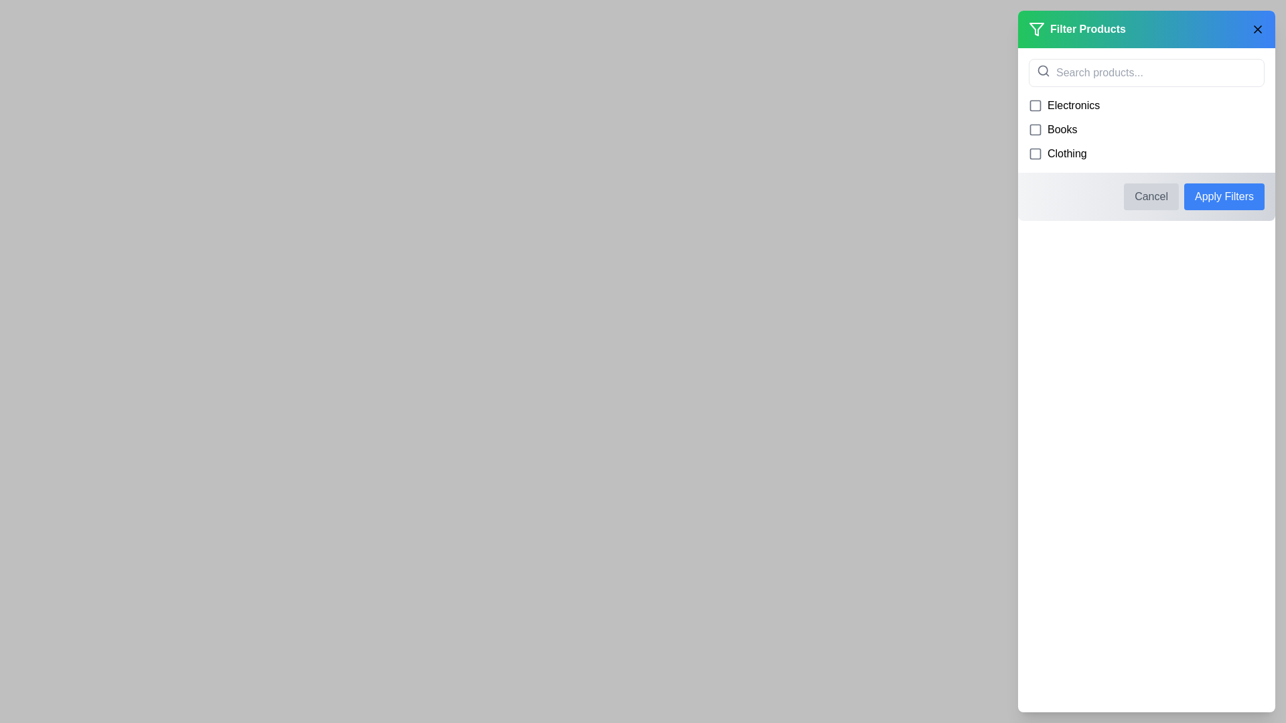 Image resolution: width=1286 pixels, height=723 pixels. Describe the element at coordinates (1036, 29) in the screenshot. I see `the triangular-shaped funnel icon with a green background located in the header of the filter panel, next to the text 'Filter Products.'` at that location.